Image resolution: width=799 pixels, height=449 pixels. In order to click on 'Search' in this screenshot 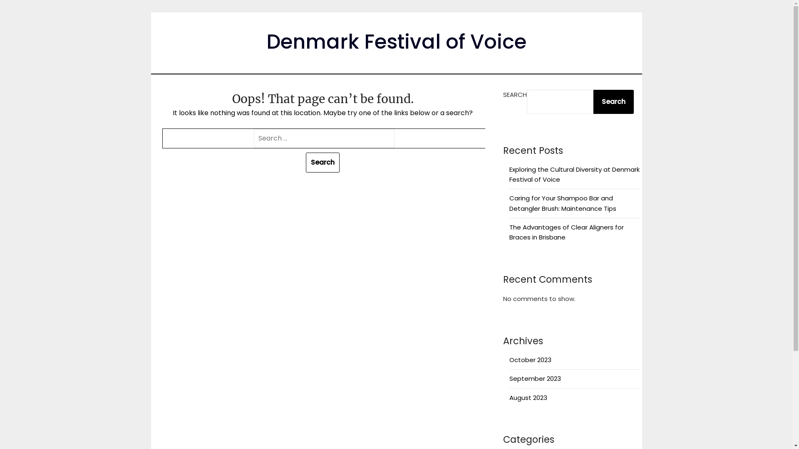, I will do `click(613, 101)`.